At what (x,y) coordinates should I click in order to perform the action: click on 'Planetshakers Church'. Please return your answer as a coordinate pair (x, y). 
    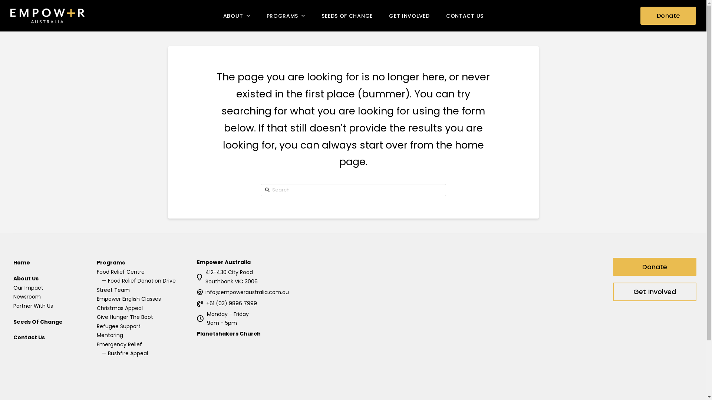
    Looking at the image, I should click on (197, 334).